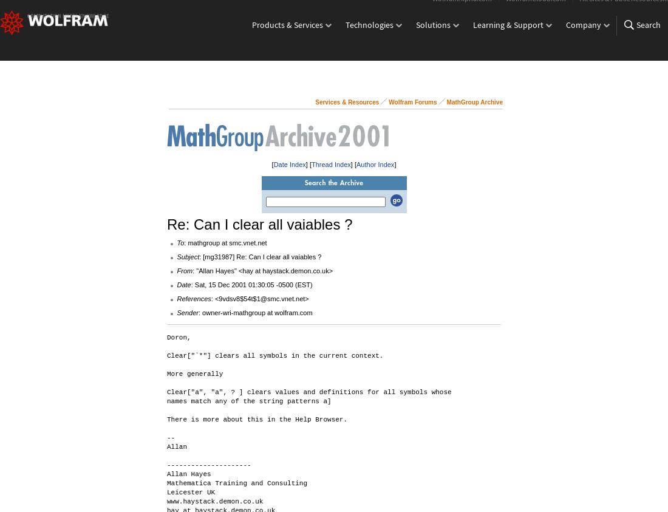 This screenshot has height=512, width=668. I want to click on 'Solutions', so click(432, 33).